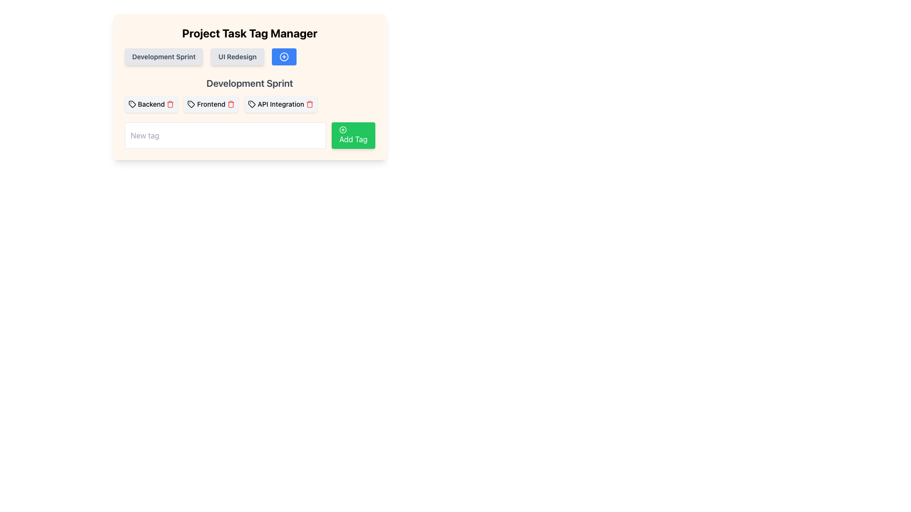 This screenshot has width=911, height=512. What do you see at coordinates (131, 104) in the screenshot?
I see `the tag-like icon next to the 'Backend' label within the 'Development Sprint' section` at bounding box center [131, 104].